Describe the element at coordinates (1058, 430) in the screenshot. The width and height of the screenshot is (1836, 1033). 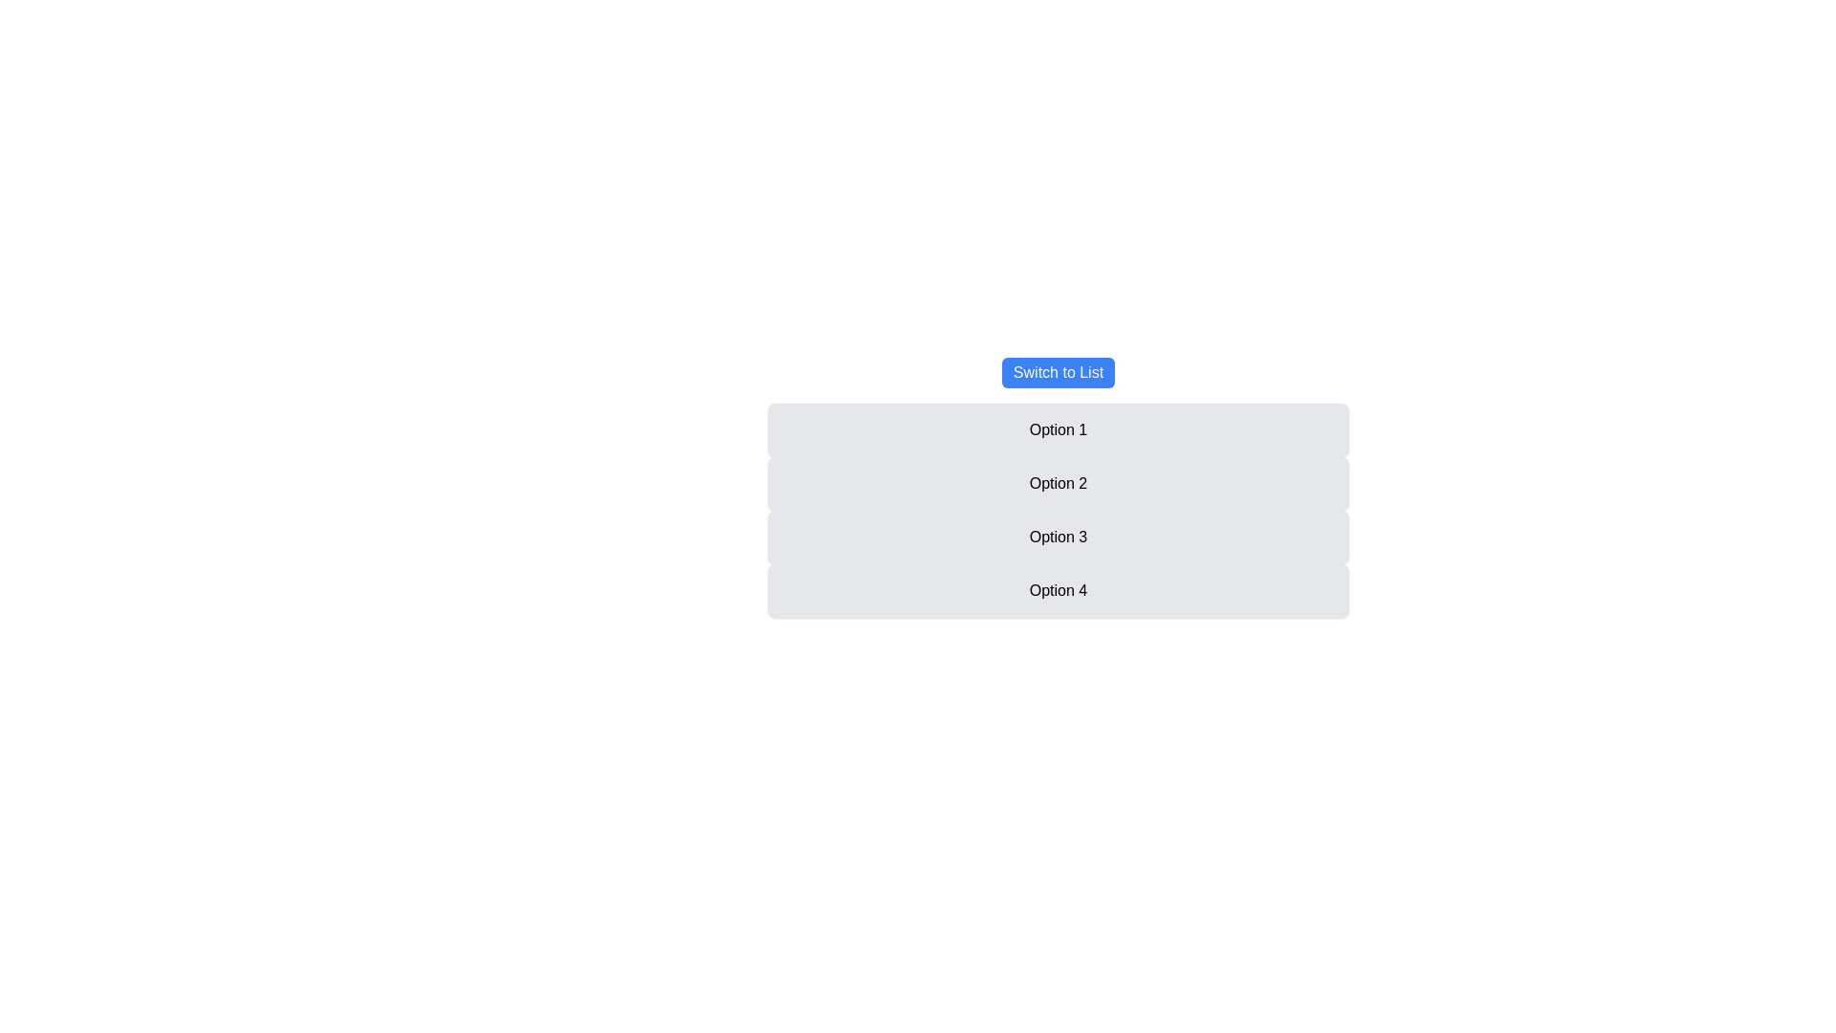
I see `the selectable item labeled 'Option 1', which is the first element in a vertical list with a light gray background and rounded corners, located beneath the 'Switch to List' button` at that location.